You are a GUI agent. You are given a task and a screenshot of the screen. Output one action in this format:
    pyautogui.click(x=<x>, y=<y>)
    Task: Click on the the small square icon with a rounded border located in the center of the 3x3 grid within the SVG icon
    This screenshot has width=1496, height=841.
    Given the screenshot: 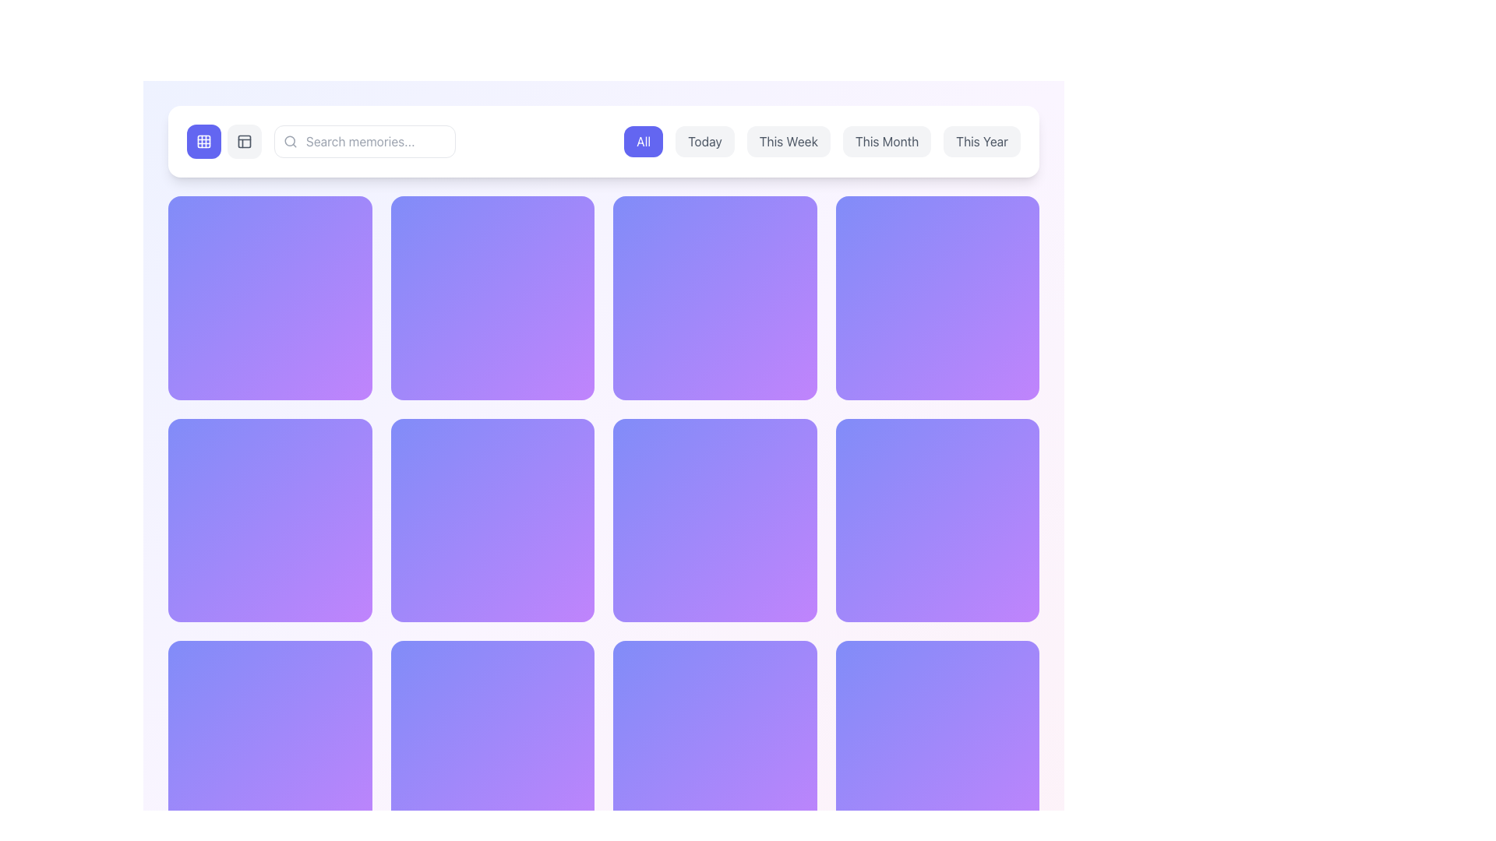 What is the action you would take?
    pyautogui.click(x=203, y=141)
    